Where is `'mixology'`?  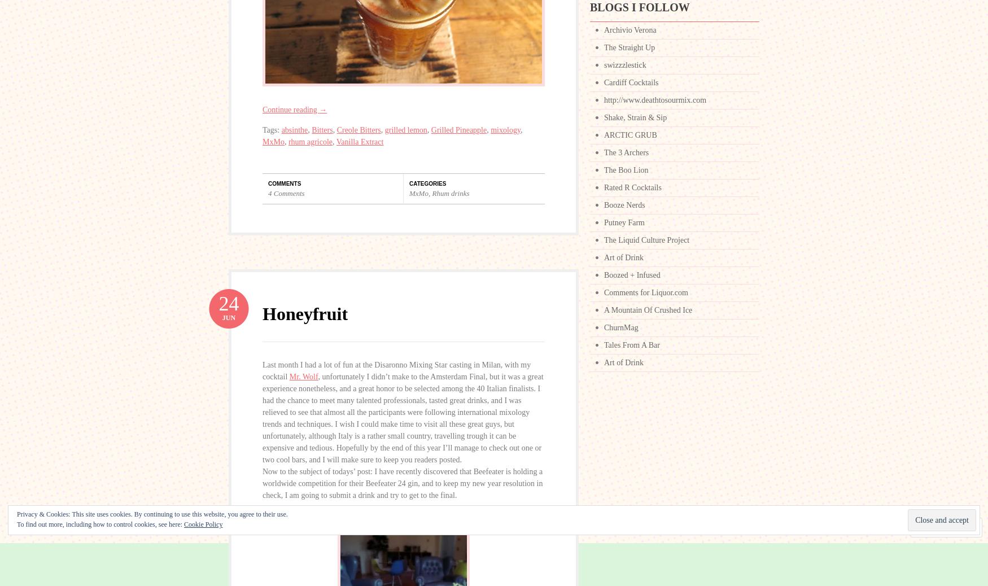
'mixology' is located at coordinates (504, 129).